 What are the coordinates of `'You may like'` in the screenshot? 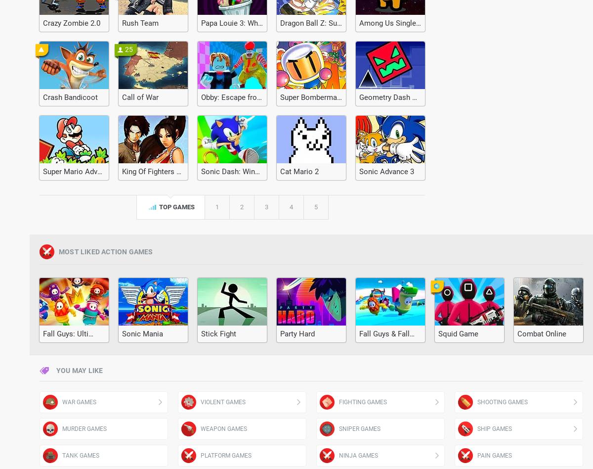 It's located at (79, 371).